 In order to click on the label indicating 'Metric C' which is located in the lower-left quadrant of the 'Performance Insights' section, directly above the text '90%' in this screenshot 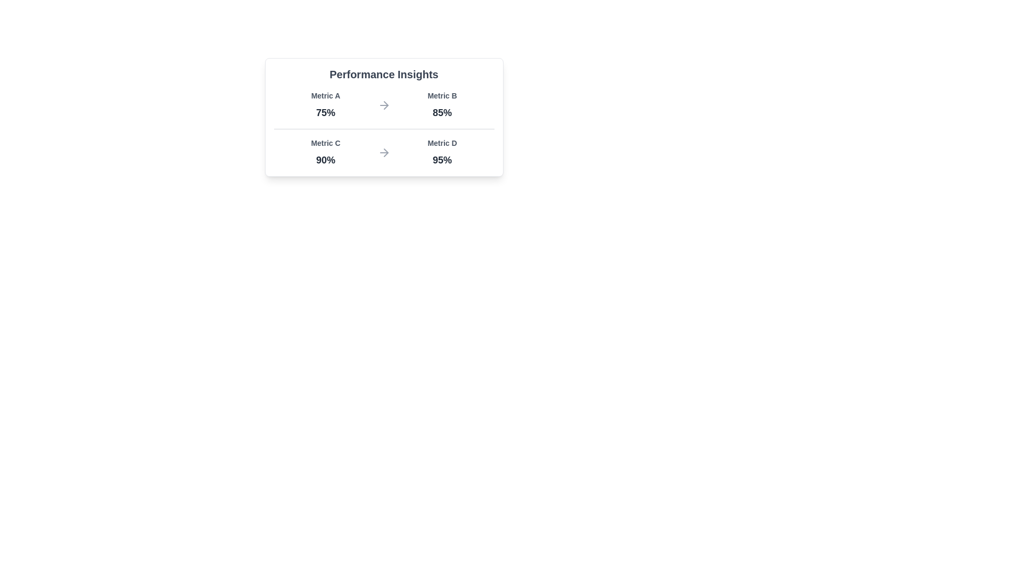, I will do `click(325, 143)`.